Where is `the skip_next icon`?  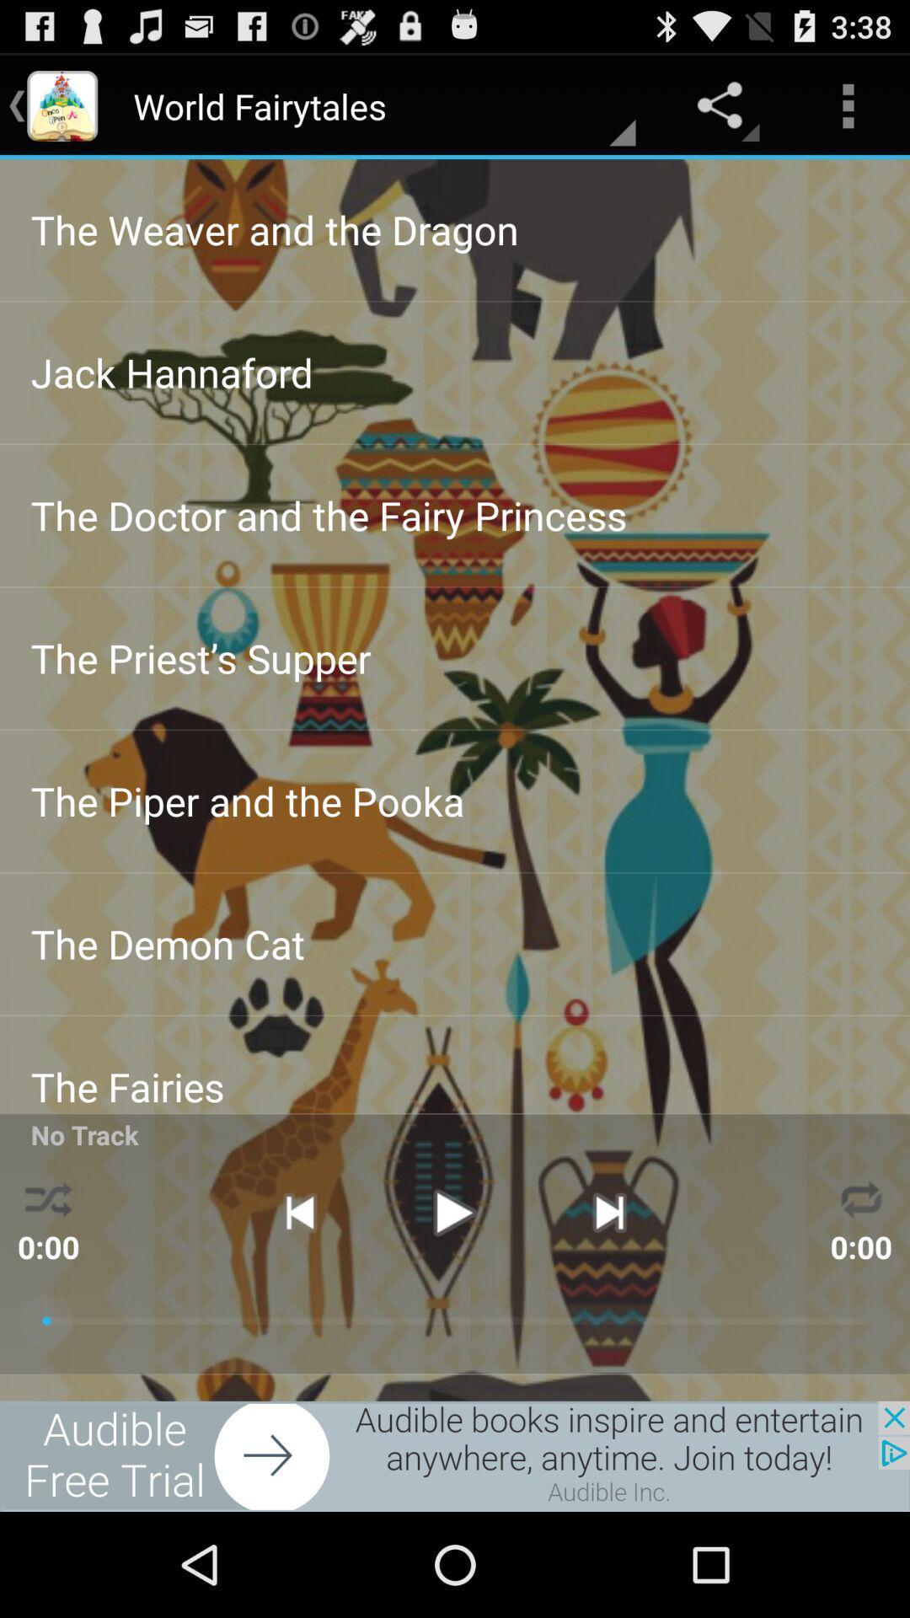 the skip_next icon is located at coordinates (609, 1296).